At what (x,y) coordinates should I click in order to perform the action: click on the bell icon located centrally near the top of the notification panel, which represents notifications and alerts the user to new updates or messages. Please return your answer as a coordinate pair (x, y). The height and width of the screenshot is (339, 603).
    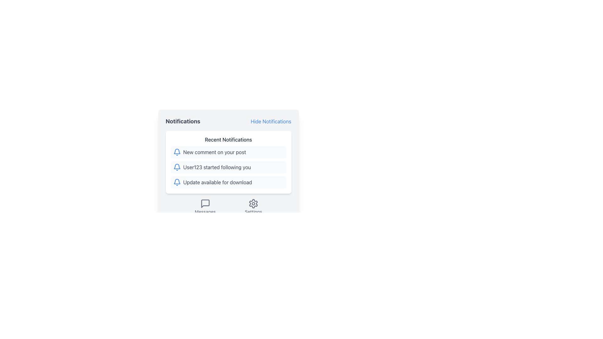
    Looking at the image, I should click on (177, 151).